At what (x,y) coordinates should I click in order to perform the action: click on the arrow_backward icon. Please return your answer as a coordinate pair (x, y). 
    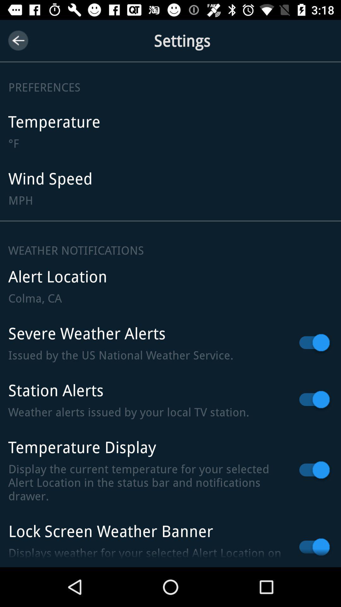
    Looking at the image, I should click on (18, 40).